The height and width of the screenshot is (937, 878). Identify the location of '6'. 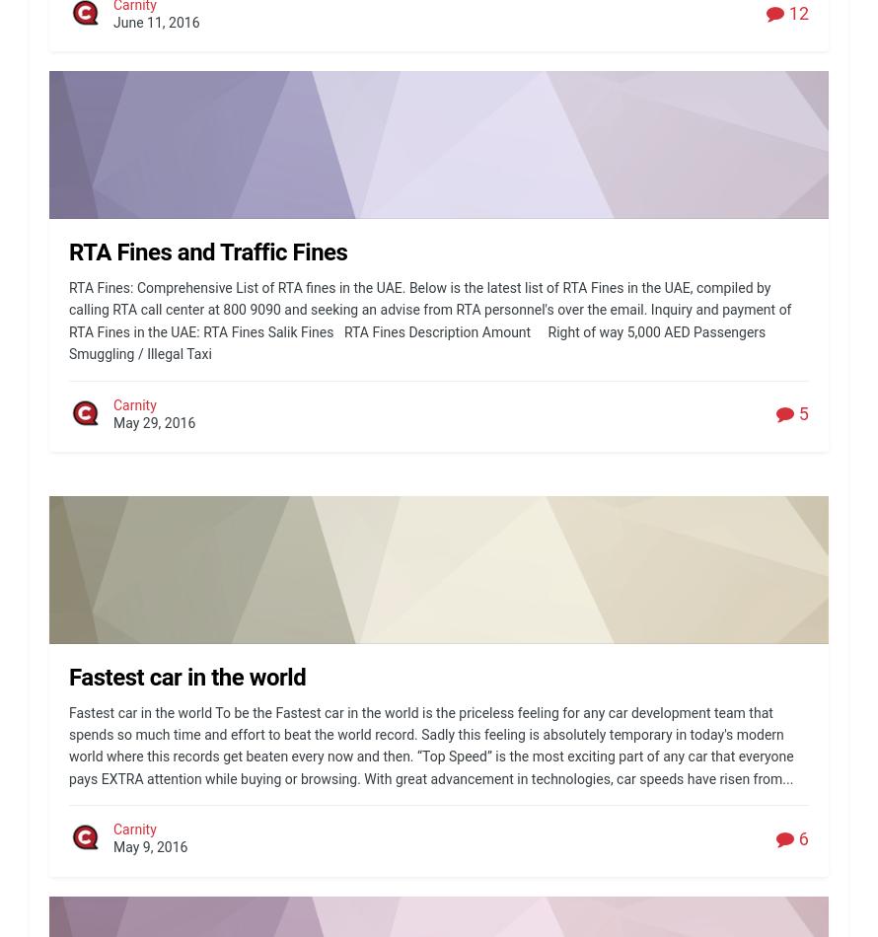
(794, 836).